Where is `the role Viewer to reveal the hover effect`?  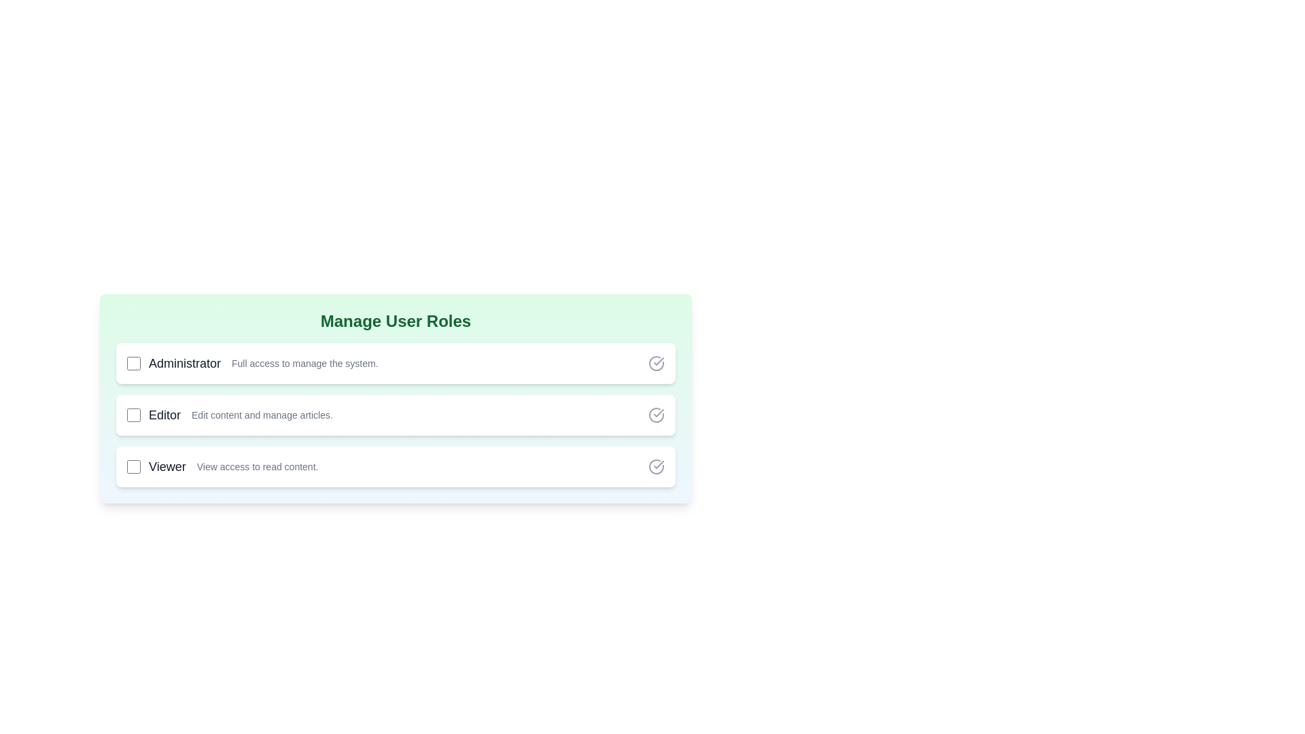 the role Viewer to reveal the hover effect is located at coordinates (395, 466).